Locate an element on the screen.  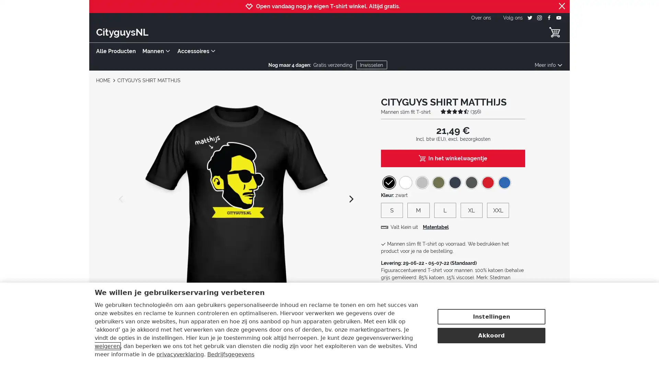
CITYGUYS SHIRT MATTHIJS view 3 is located at coordinates (235, 326).